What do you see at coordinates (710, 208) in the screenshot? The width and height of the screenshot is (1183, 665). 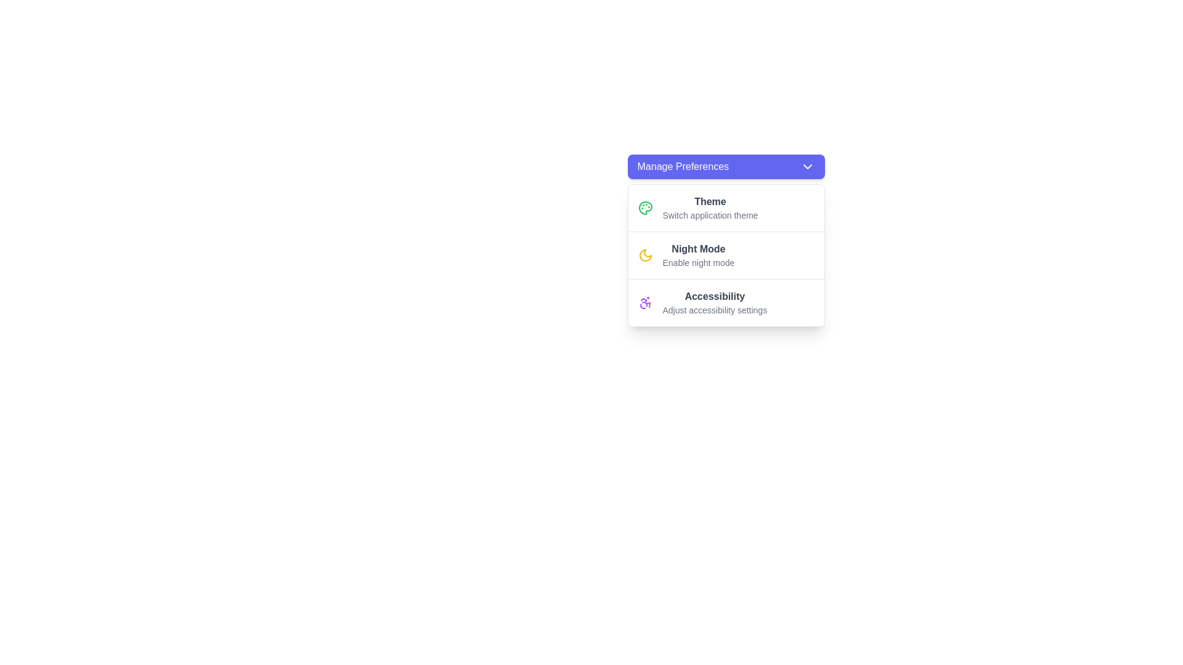 I see `the Text label with description located at the top of the dropdown menu under the 'Manage Preferences' section, which is directly above the 'Night Mode' option` at bounding box center [710, 208].